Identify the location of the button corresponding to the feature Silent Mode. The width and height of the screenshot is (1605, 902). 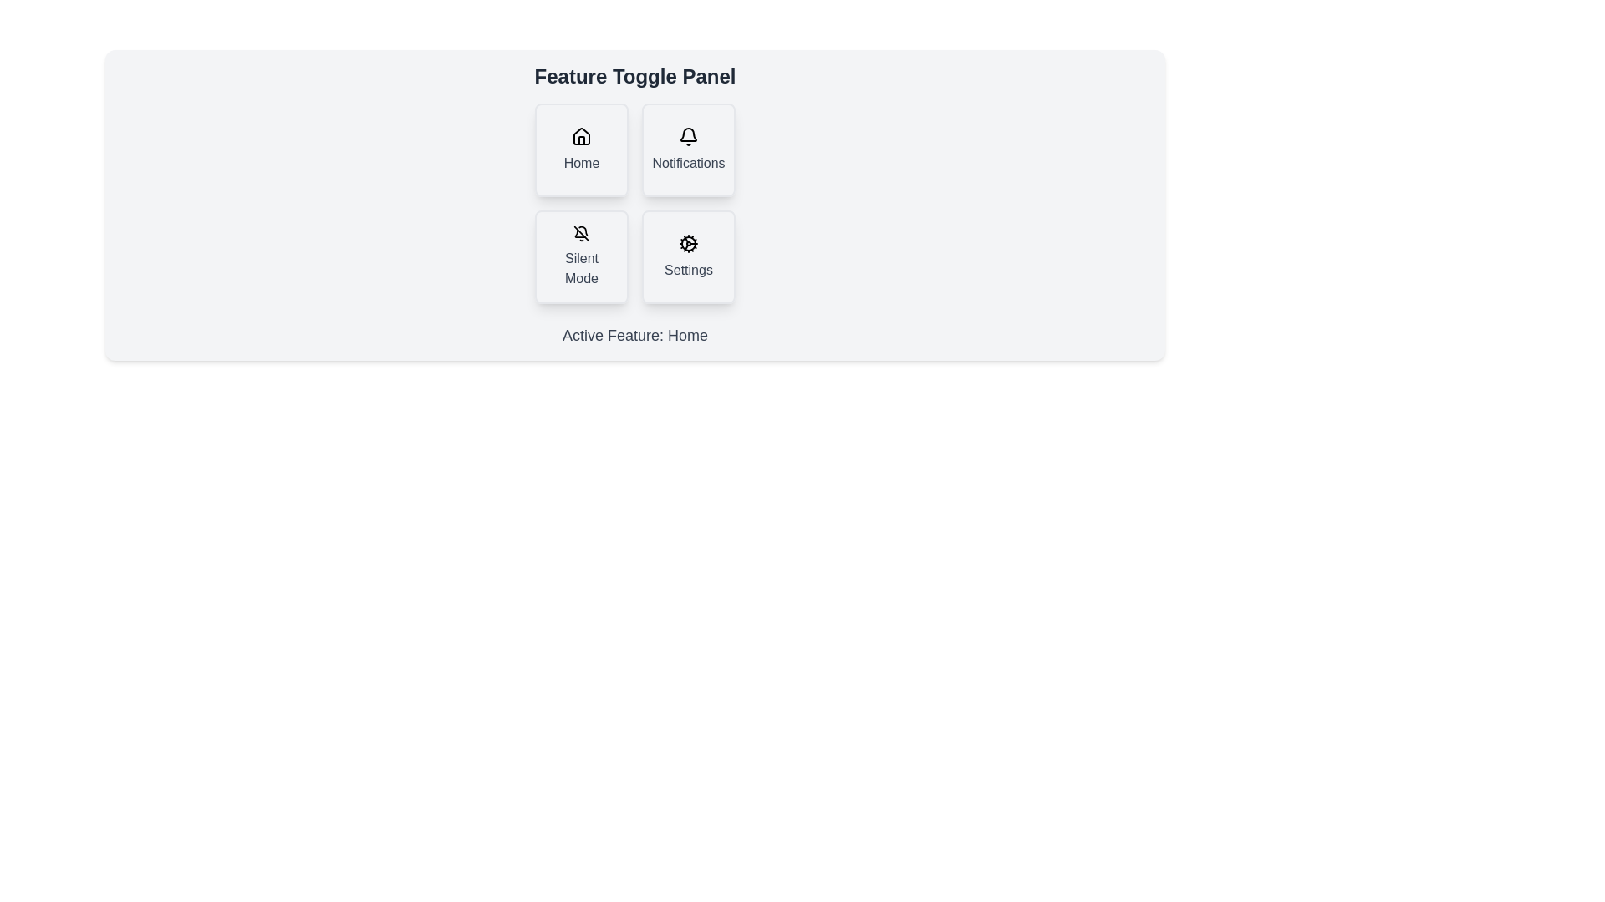
(582, 257).